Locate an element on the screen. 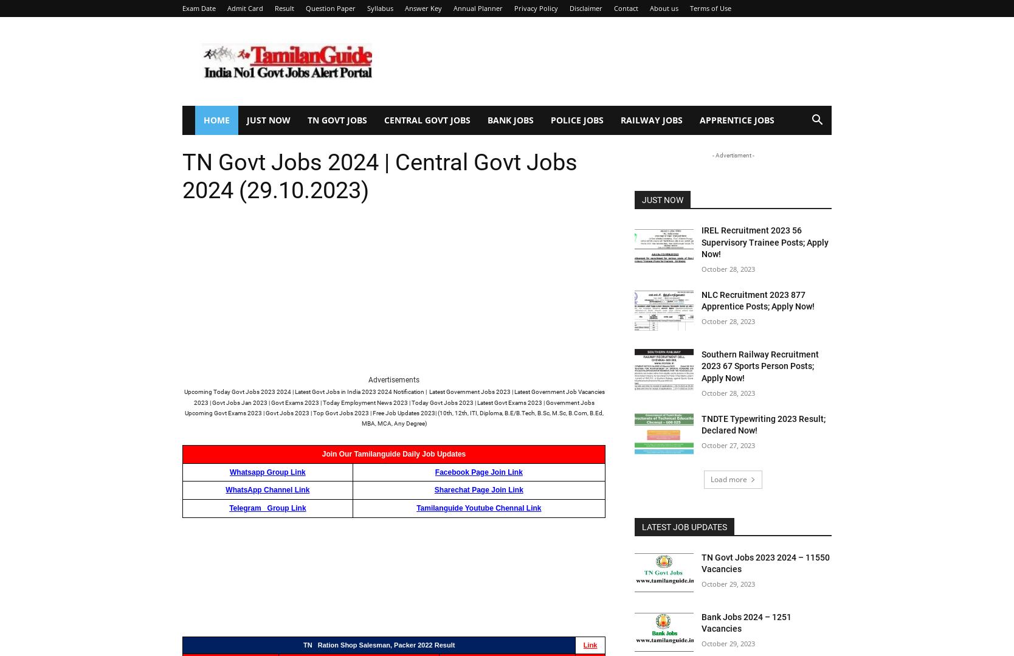 The width and height of the screenshot is (1014, 656). 'IREL Recruitment 2023 56 Supervisory Trainee Posts; Apply Now!' is located at coordinates (765, 241).